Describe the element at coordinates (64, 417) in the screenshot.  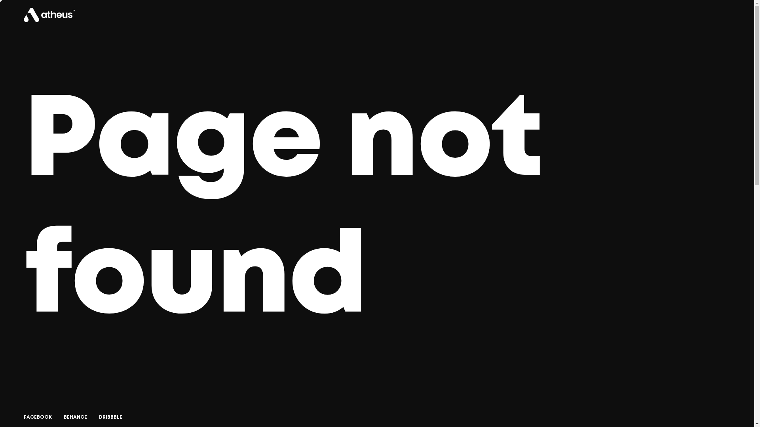
I see `'BEHANCE'` at that location.